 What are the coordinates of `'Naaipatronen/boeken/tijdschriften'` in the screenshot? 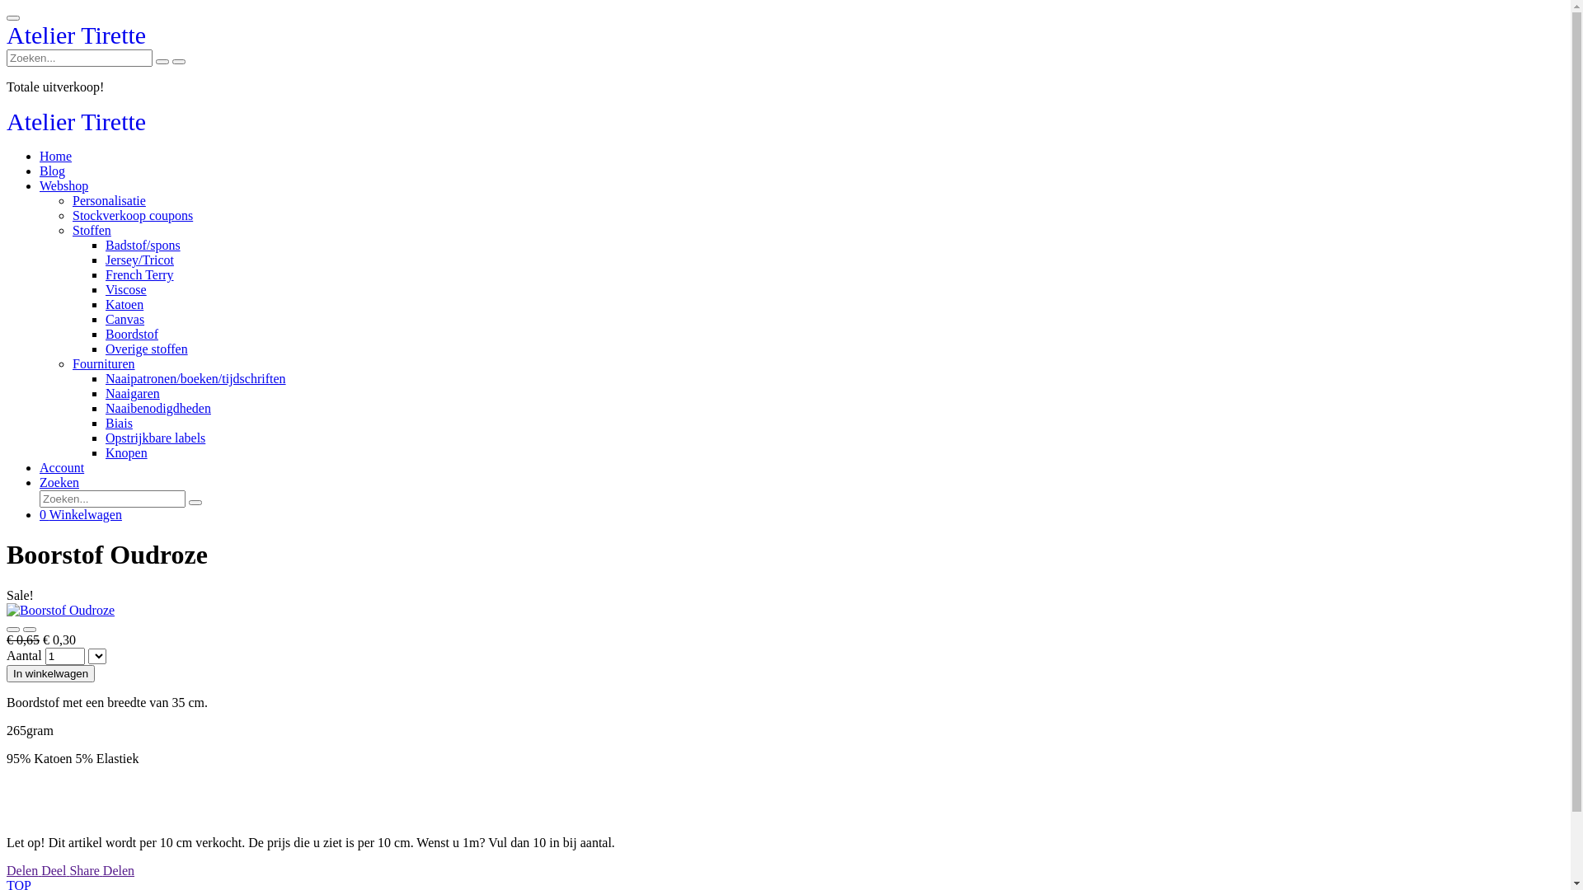 It's located at (195, 378).